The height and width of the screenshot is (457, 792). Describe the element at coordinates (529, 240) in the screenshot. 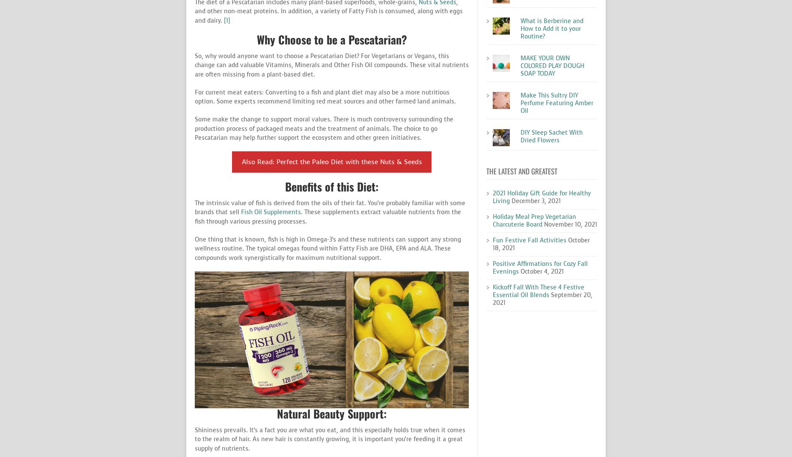

I see `'Fun Festive Fall Activities'` at that location.